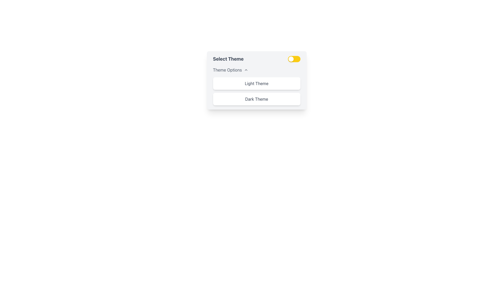  I want to click on the Option Group containing 'Light Theme' and 'Dark Theme' options styled in rounded white boxes beneath the 'Theme Options' label in the 'Select Theme' section, so click(257, 91).